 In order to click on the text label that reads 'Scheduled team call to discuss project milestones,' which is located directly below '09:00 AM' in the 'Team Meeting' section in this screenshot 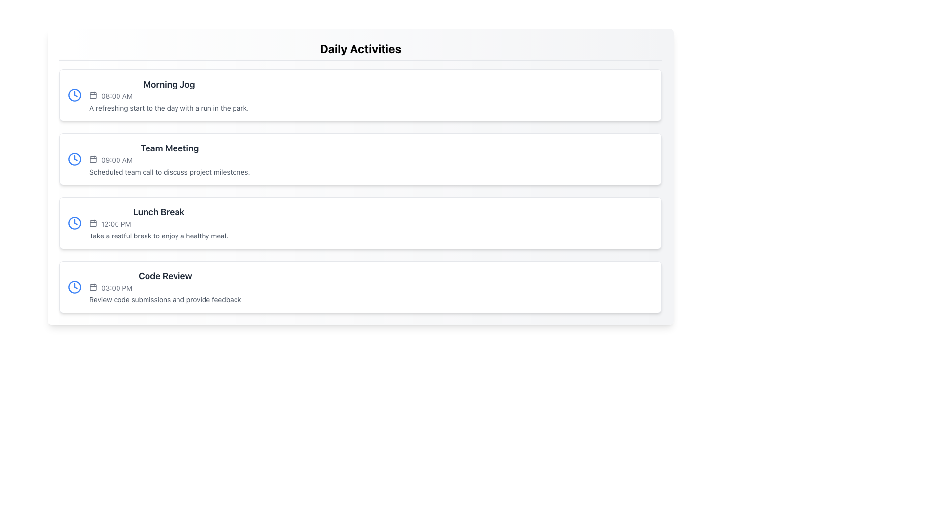, I will do `click(170, 172)`.